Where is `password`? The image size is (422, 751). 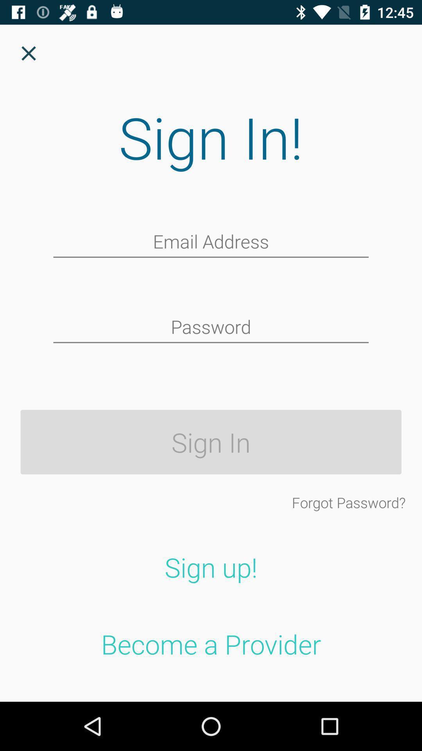
password is located at coordinates (211, 328).